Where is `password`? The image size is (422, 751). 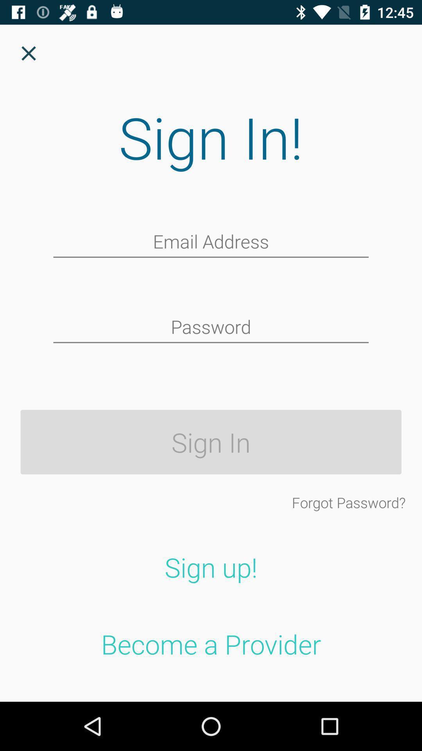
password is located at coordinates (211, 328).